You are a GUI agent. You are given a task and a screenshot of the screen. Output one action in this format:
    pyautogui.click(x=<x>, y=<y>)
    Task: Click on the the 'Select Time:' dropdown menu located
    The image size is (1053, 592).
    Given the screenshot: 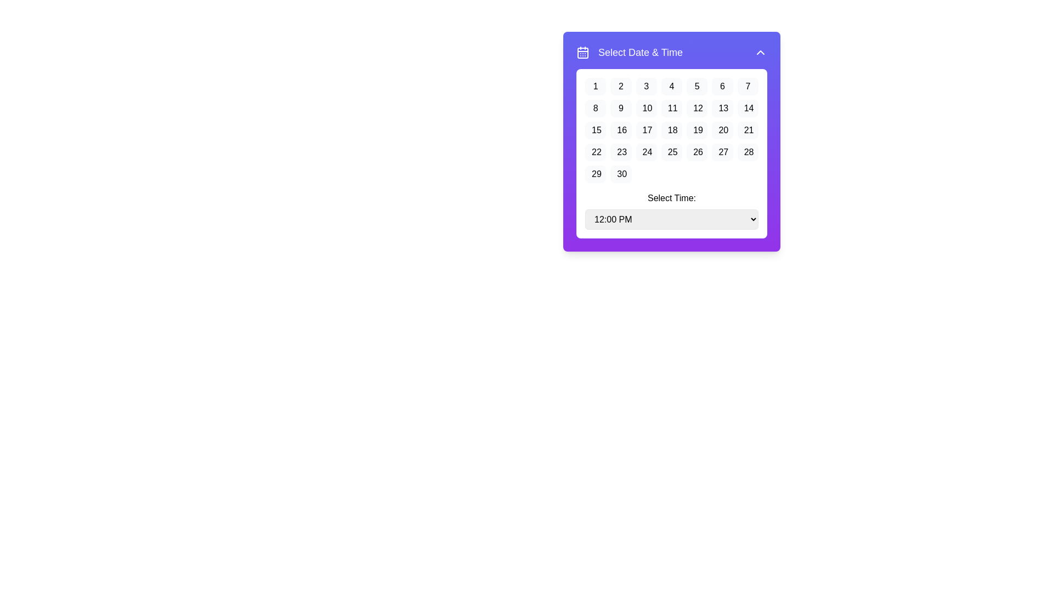 What is the action you would take?
    pyautogui.click(x=671, y=210)
    